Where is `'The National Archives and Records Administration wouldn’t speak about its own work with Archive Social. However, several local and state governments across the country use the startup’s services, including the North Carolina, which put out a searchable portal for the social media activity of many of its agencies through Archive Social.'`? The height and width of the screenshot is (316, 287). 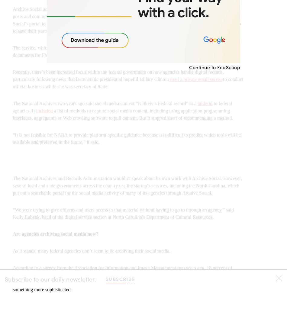
'The National Archives and Records Administration wouldn’t speak about its own work with Archive Social. However, several local and state governments across the country use the startup’s services, including the North Carolina, which put out a searchable portal for the social media activity of many of its agencies through Archive Social.' is located at coordinates (127, 185).